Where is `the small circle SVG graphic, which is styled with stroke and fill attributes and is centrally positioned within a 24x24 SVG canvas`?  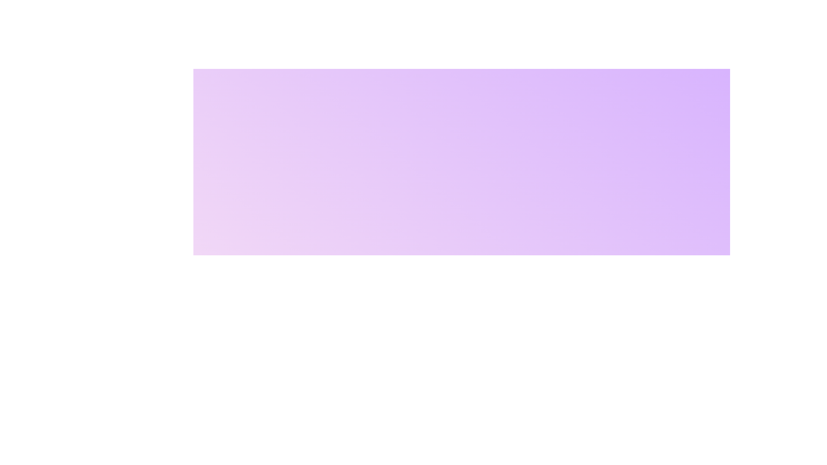 the small circle SVG graphic, which is styled with stroke and fill attributes and is centrally positioned within a 24x24 SVG canvas is located at coordinates (360, 327).